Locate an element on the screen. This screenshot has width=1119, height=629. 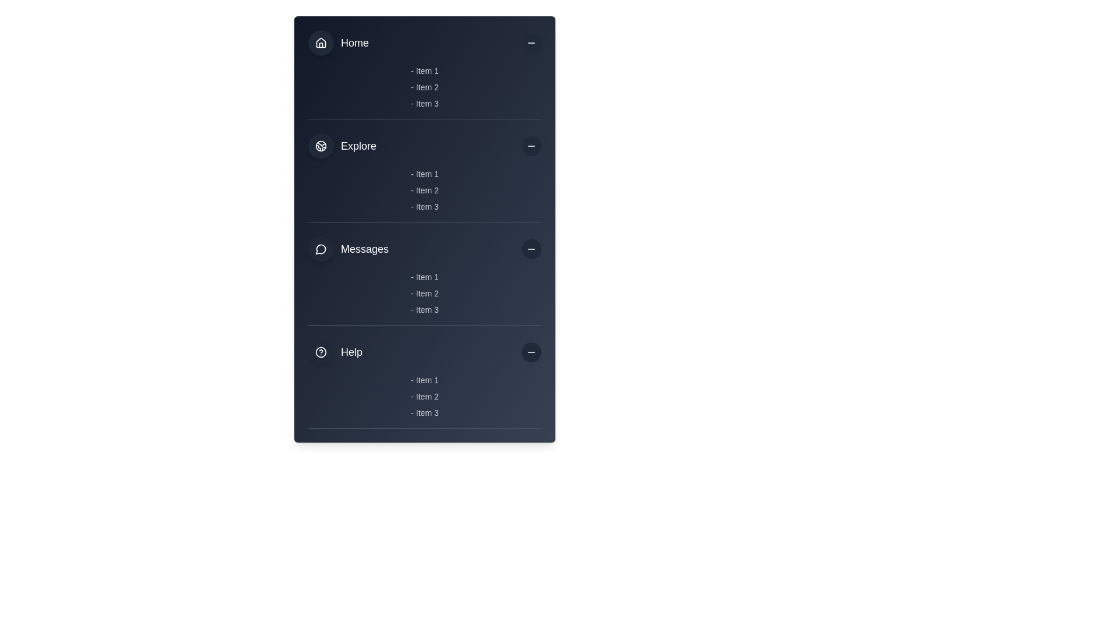
the 'Explore' static text label in the vertical navigation menu, which identifies the purpose of the section is located at coordinates (358, 145).